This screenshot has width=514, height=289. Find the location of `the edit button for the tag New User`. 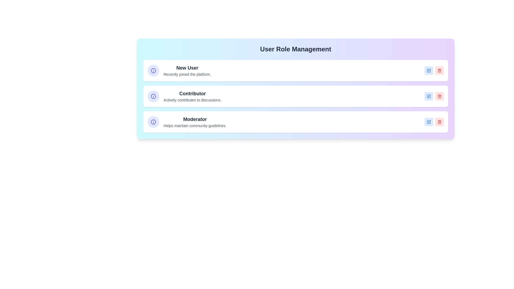

the edit button for the tag New User is located at coordinates (429, 70).